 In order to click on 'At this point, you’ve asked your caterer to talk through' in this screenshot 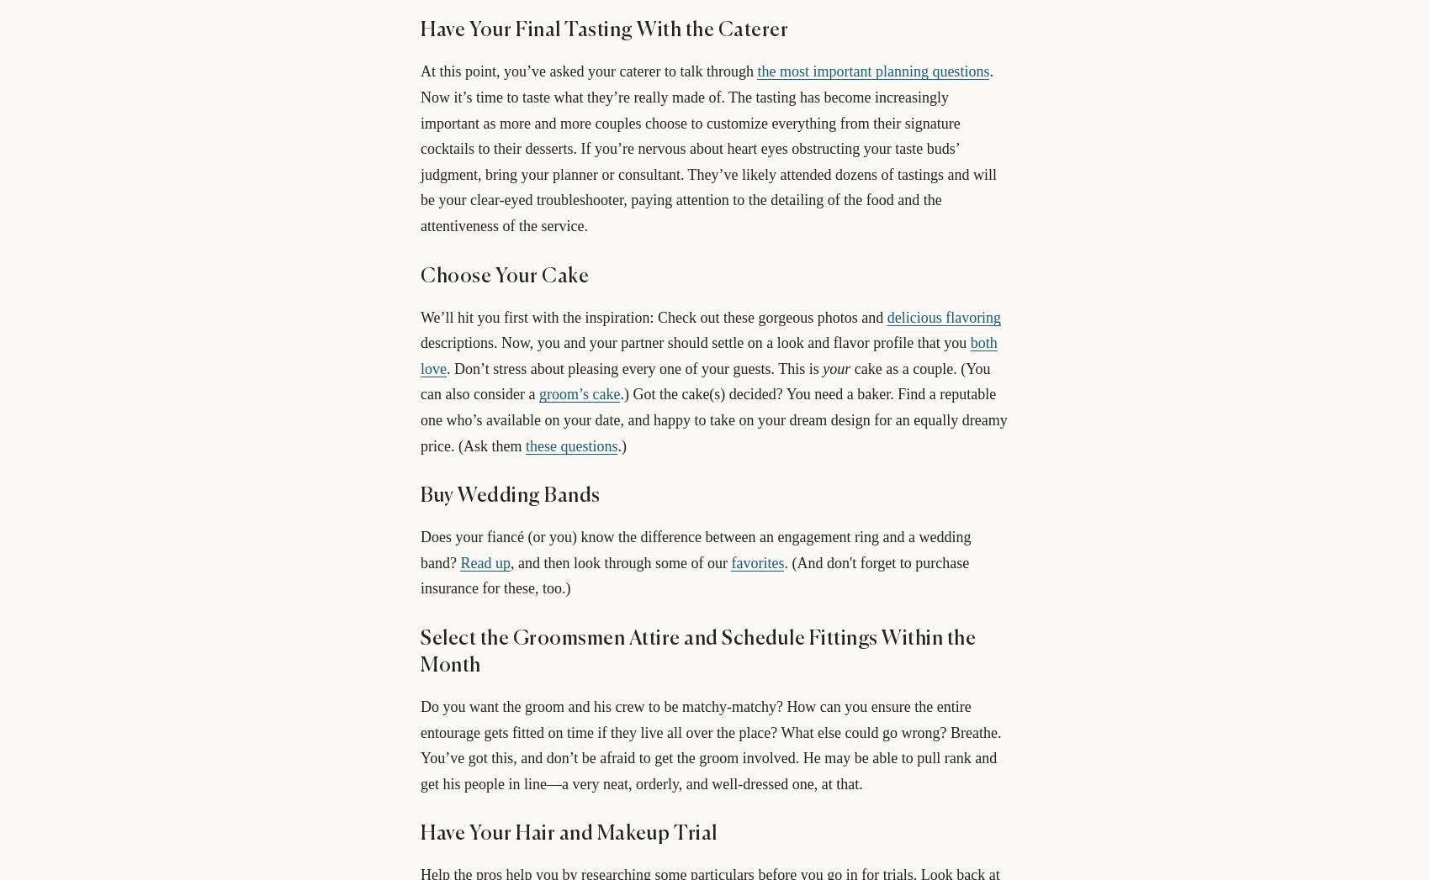, I will do `click(589, 71)`.